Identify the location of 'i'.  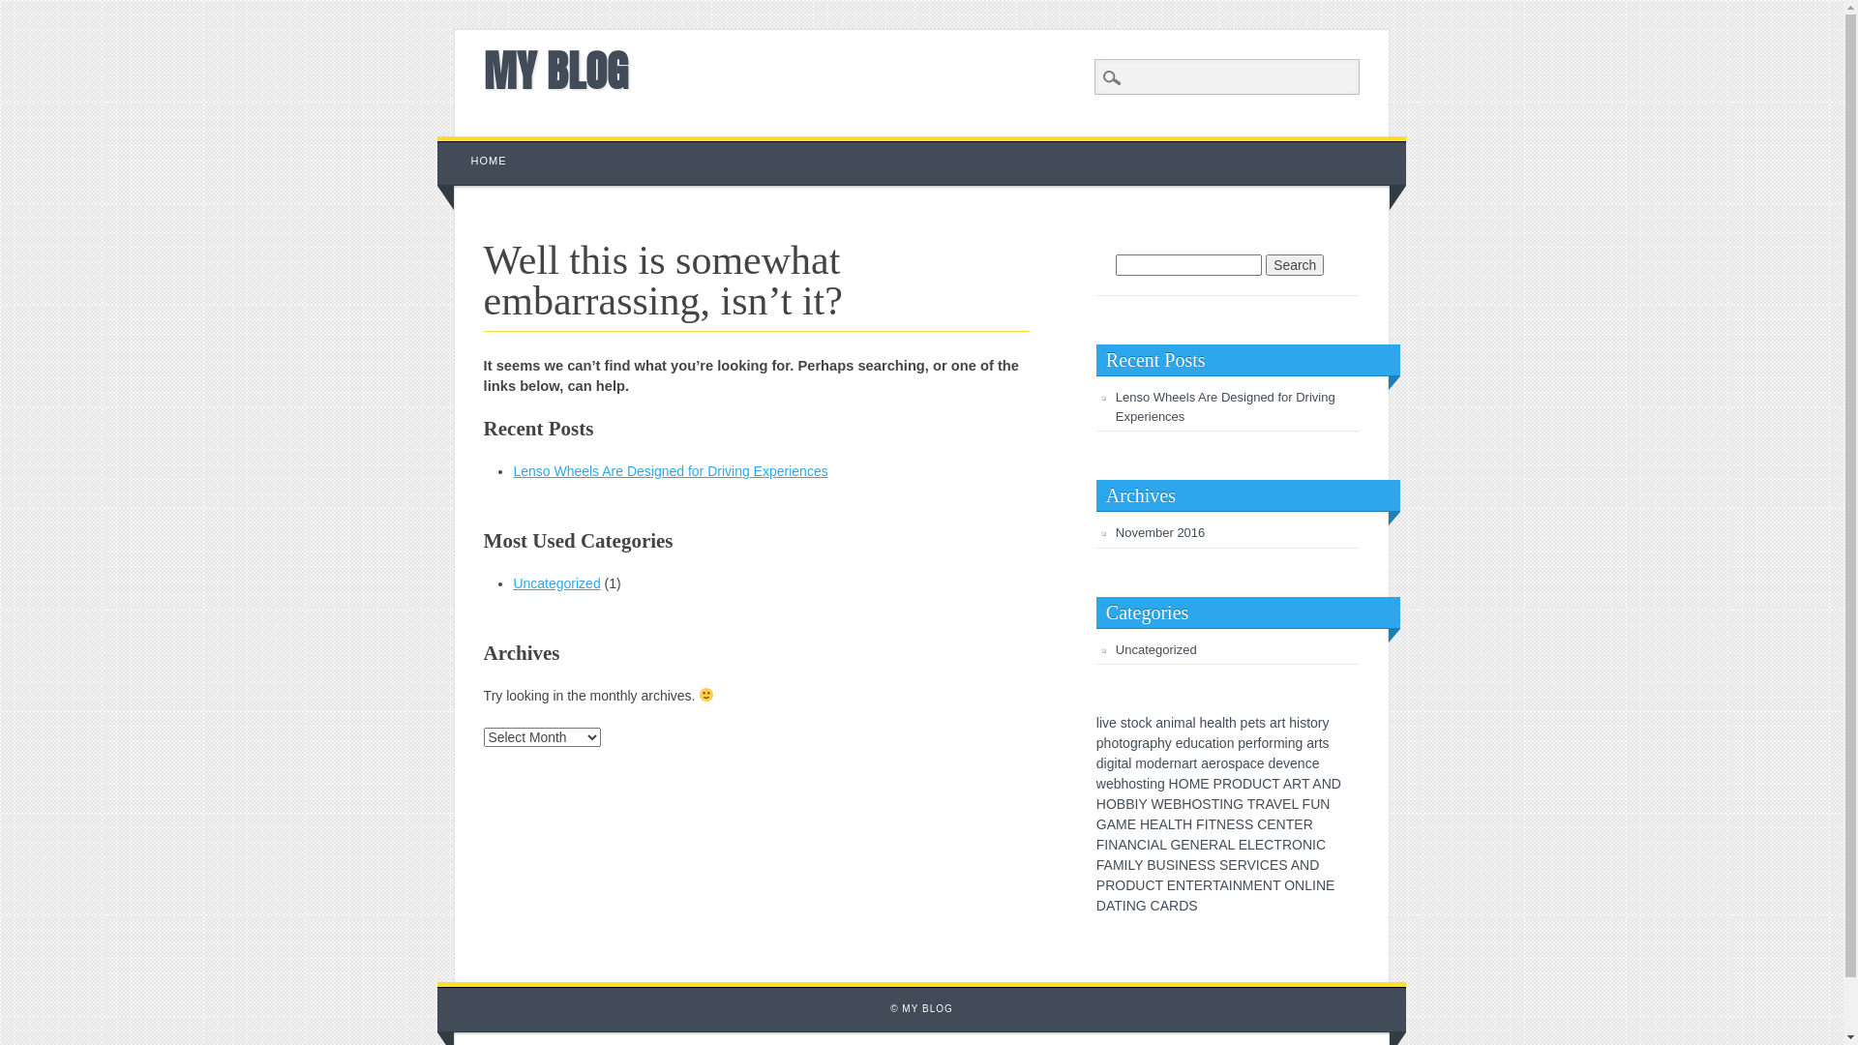
(1216, 741).